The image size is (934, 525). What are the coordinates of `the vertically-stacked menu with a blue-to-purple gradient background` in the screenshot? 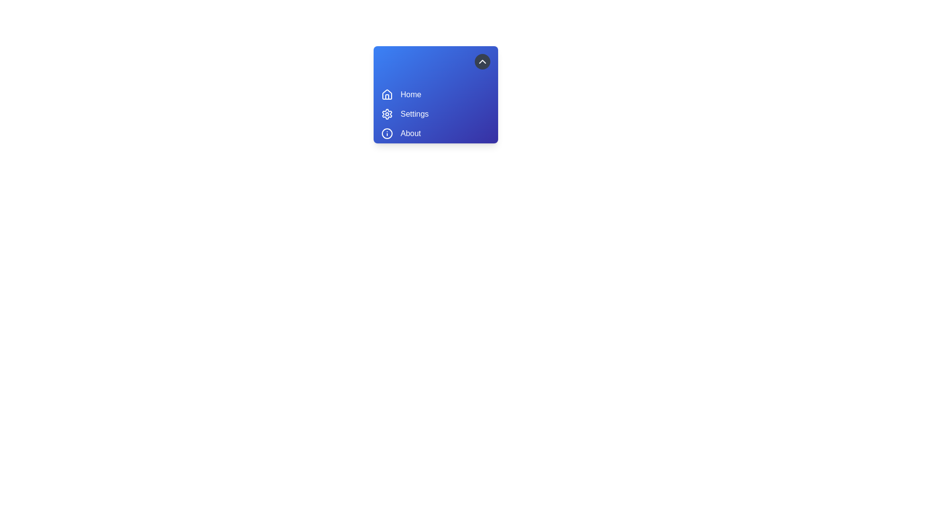 It's located at (466, 95).